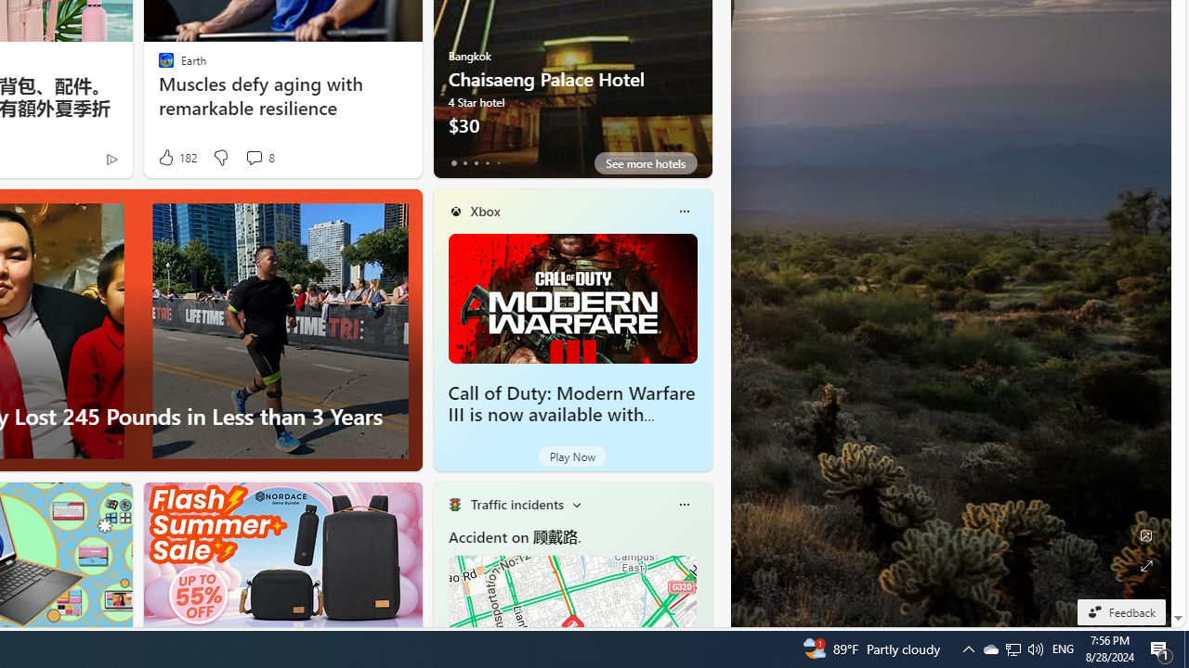  I want to click on 'View comments 8 Comment', so click(253, 156).